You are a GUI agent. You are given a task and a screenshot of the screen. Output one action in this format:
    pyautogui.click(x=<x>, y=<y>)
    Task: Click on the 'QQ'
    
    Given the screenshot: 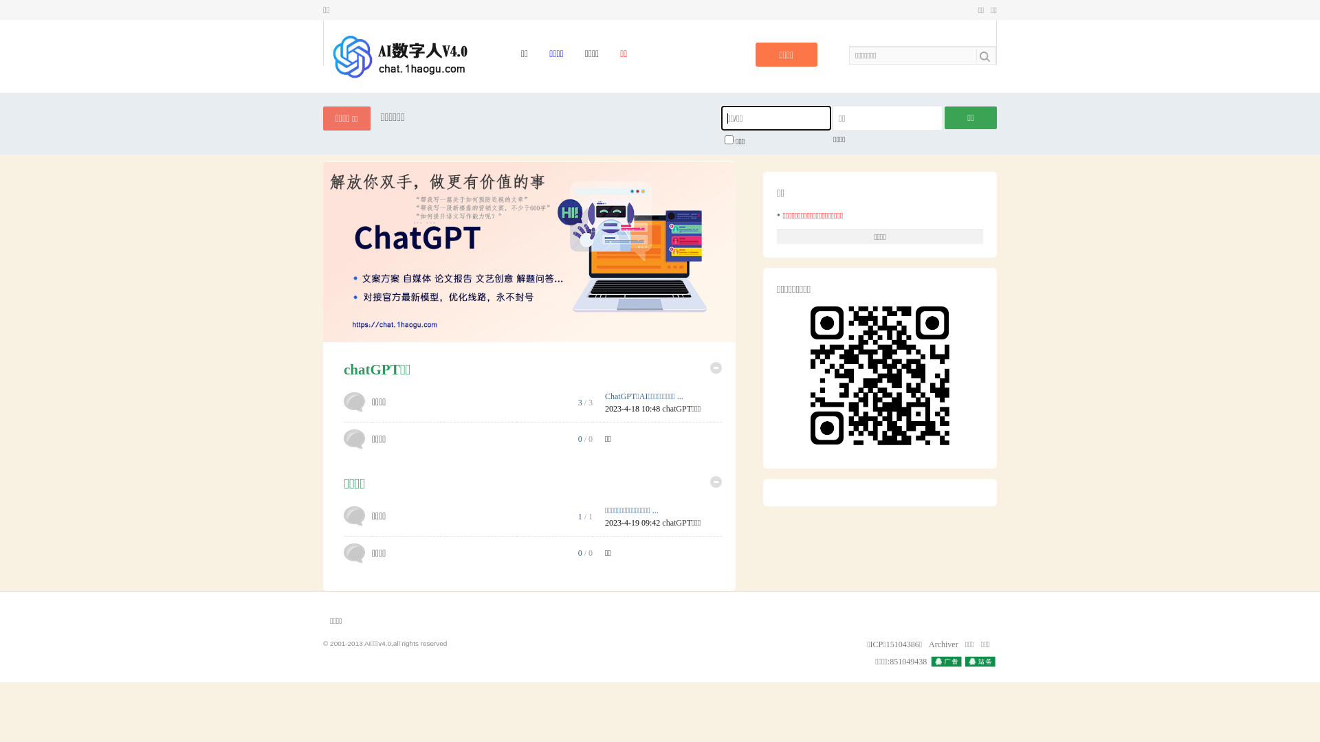 What is the action you would take?
    pyautogui.click(x=930, y=661)
    